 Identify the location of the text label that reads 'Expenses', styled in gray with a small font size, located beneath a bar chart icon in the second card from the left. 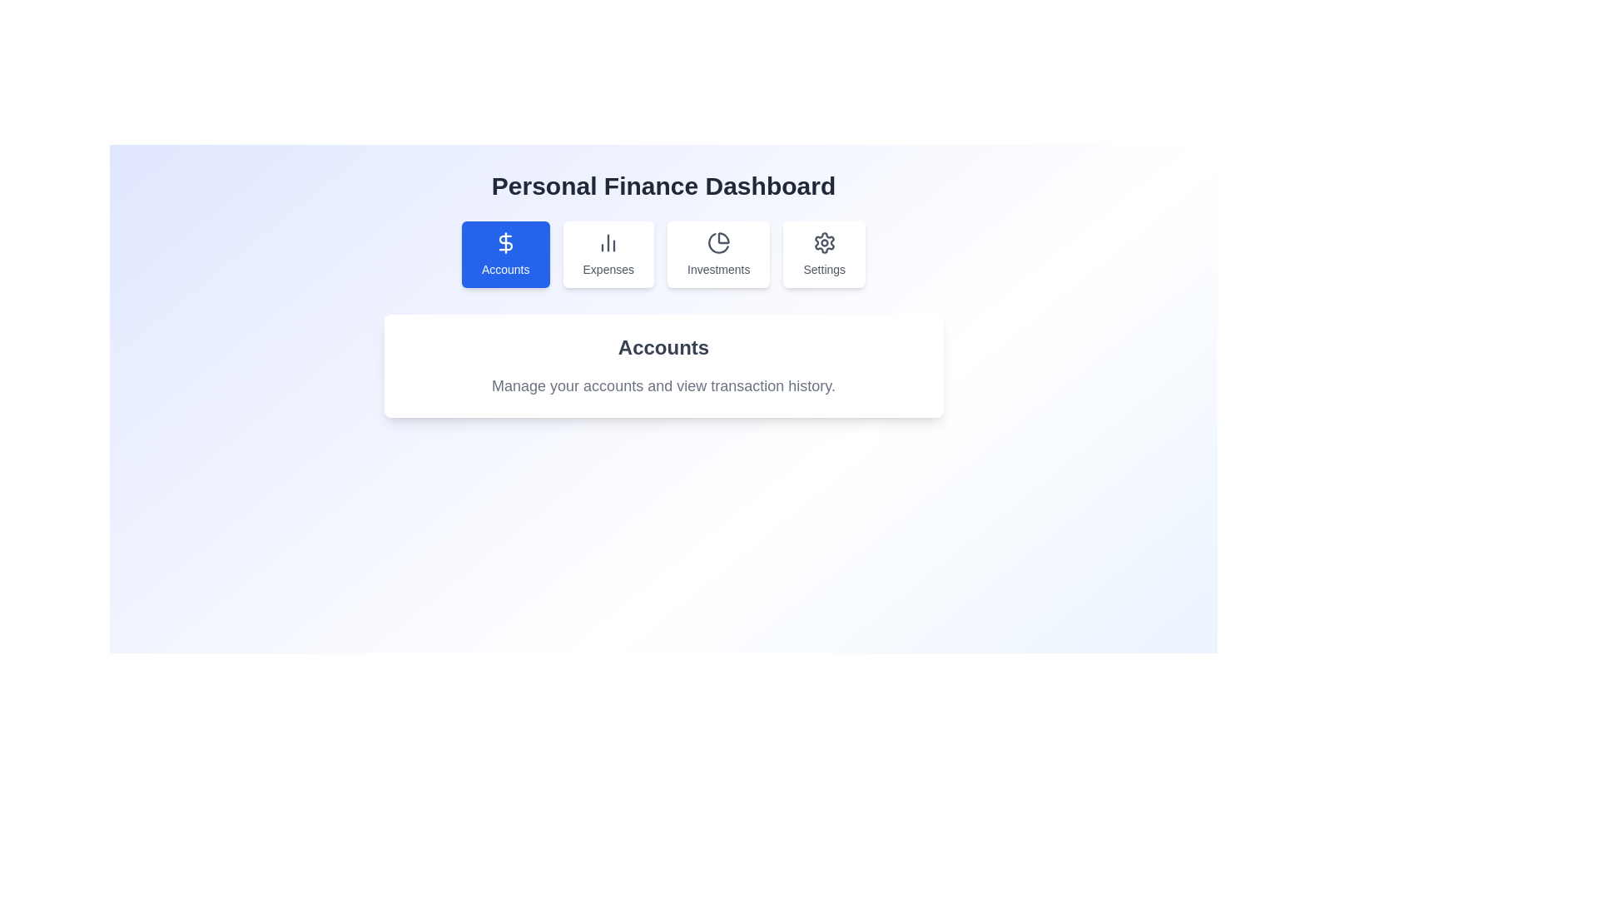
(608, 269).